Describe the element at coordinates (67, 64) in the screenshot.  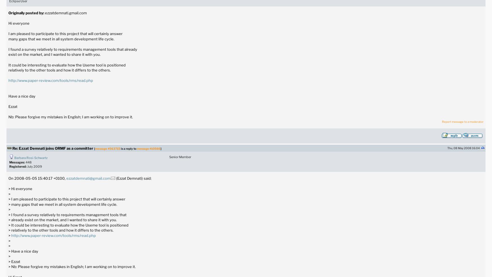
I see `'It could be interesting to evaluate how the Useme tool is positioned'` at that location.